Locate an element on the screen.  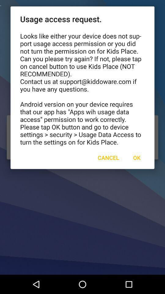
the icon to the right of cancel icon is located at coordinates (137, 157).